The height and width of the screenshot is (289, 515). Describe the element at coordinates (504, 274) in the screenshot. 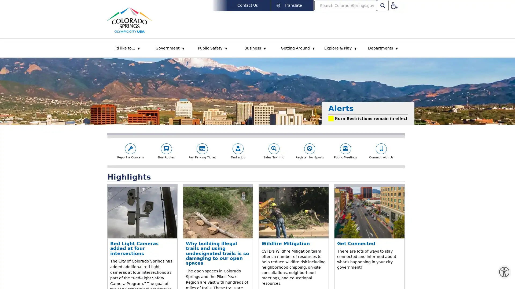

I see `Open the Monsido PageAssist` at that location.